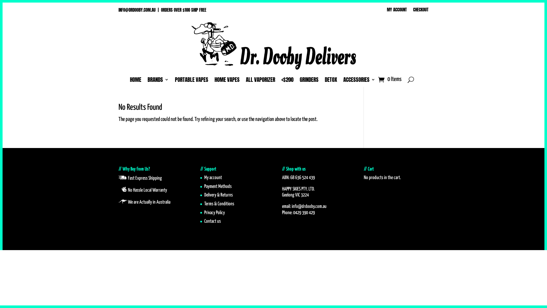  Describe the element at coordinates (219, 204) in the screenshot. I see `'Terms & Conditions'` at that location.